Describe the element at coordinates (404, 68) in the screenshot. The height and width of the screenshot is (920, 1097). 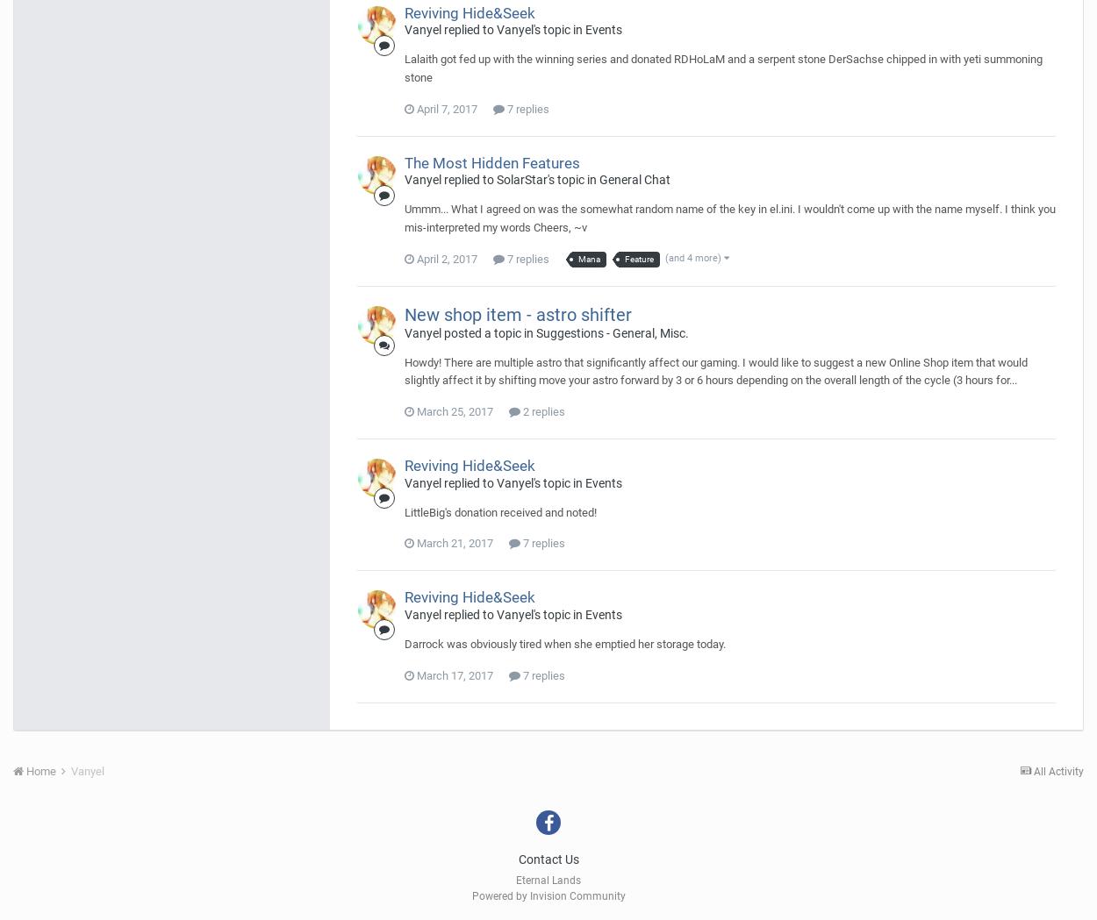
I see `'Lalaith got fed up with the winning series and donated RDHoLaM and a serpent stone  
DerSachse chipped in with yeti summoning stone'` at that location.